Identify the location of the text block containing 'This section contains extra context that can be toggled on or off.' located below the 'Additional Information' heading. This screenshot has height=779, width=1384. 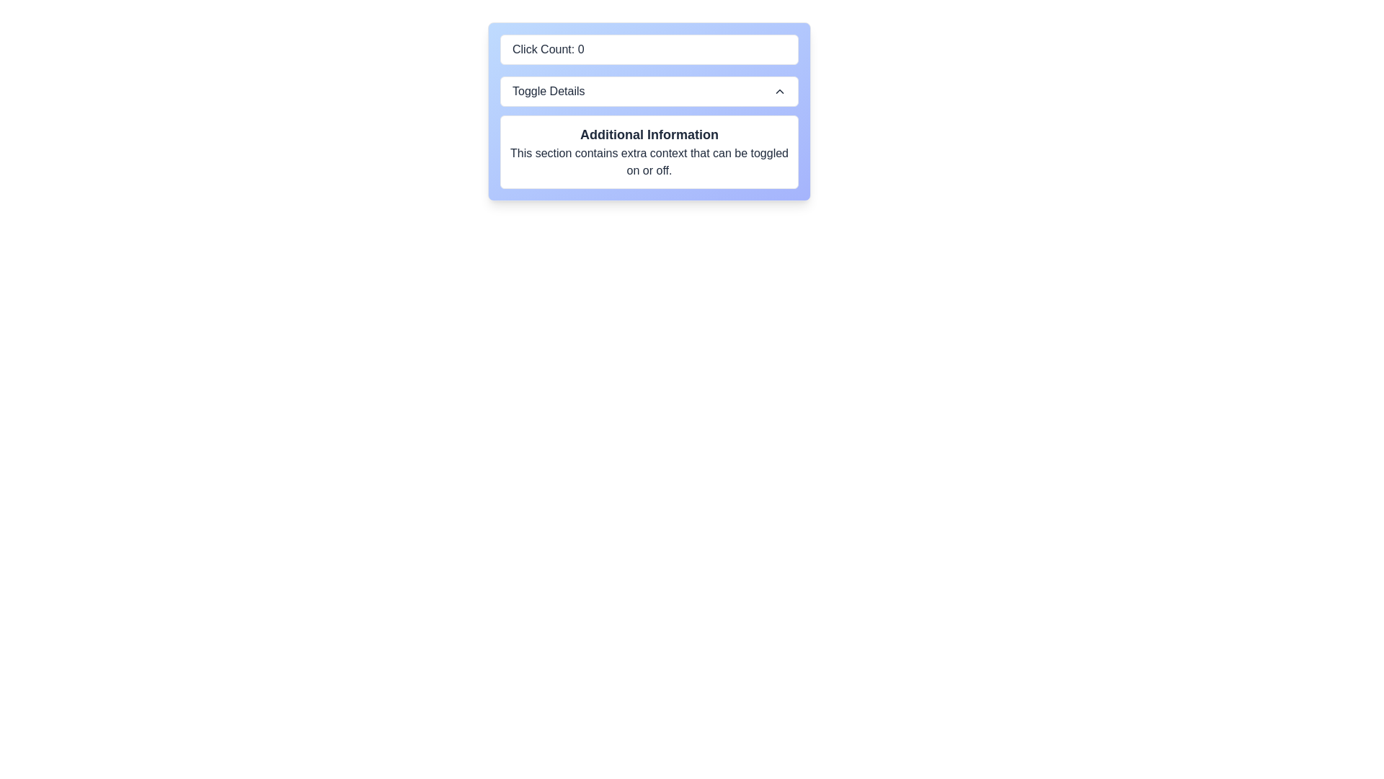
(649, 162).